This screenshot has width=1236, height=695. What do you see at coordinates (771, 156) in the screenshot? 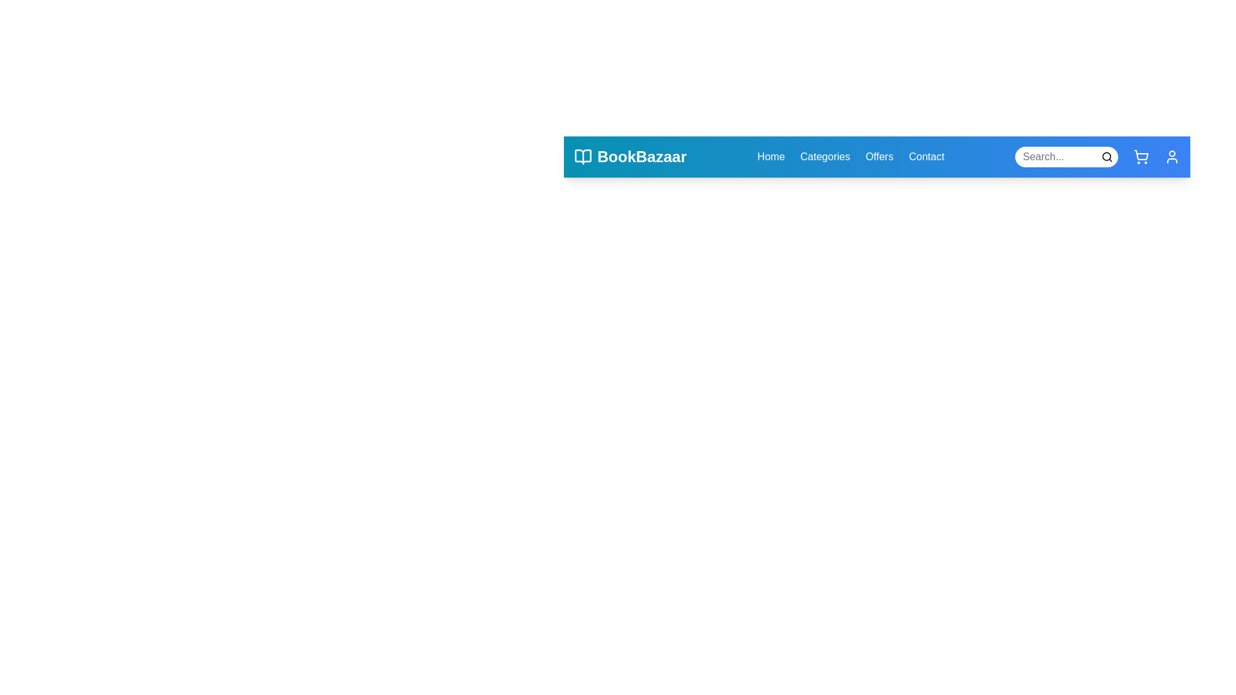
I see `the navigation link Home to observe the hover effect` at bounding box center [771, 156].